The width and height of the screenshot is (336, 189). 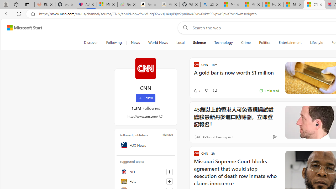 What do you see at coordinates (145, 116) in the screenshot?
I see `'http://www.cnn.com/'` at bounding box center [145, 116].